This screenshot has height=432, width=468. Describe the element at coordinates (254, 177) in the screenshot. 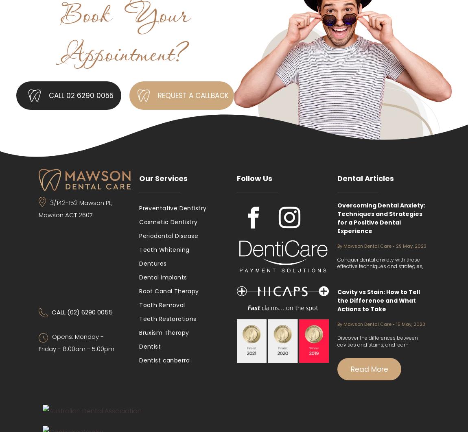

I see `'Follow Us'` at that location.